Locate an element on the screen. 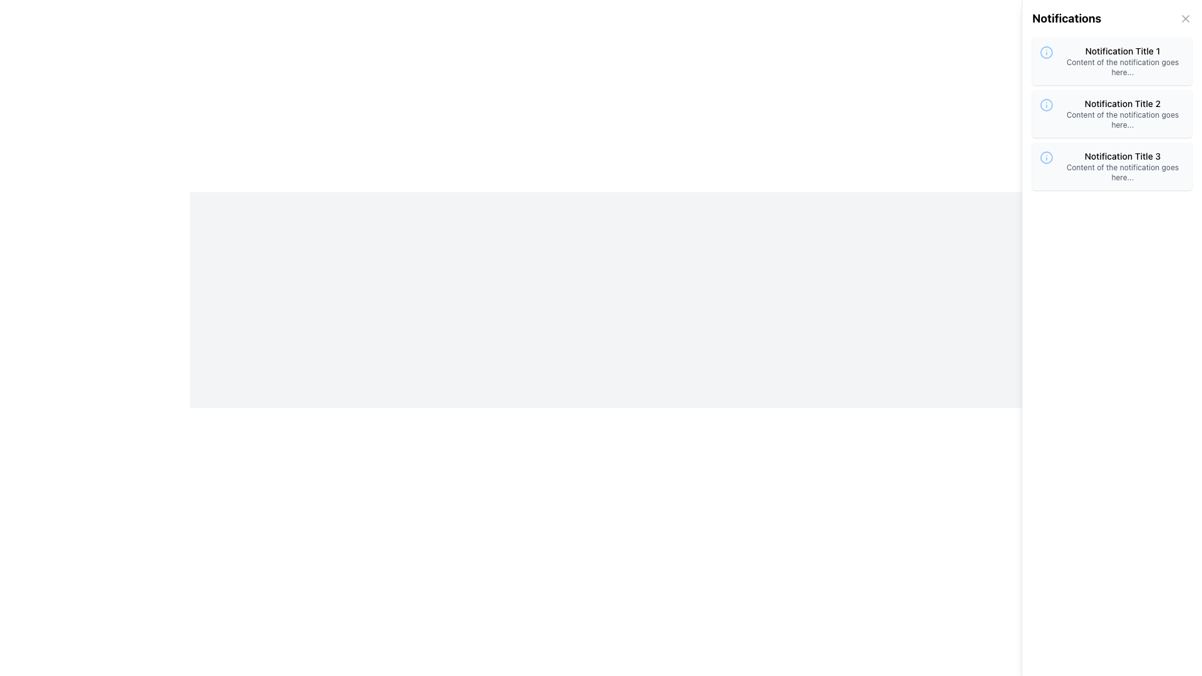  the information icon located to the left of the 'Notification Title 3' text block within the third notification item in the notification panel is located at coordinates (1046, 156).